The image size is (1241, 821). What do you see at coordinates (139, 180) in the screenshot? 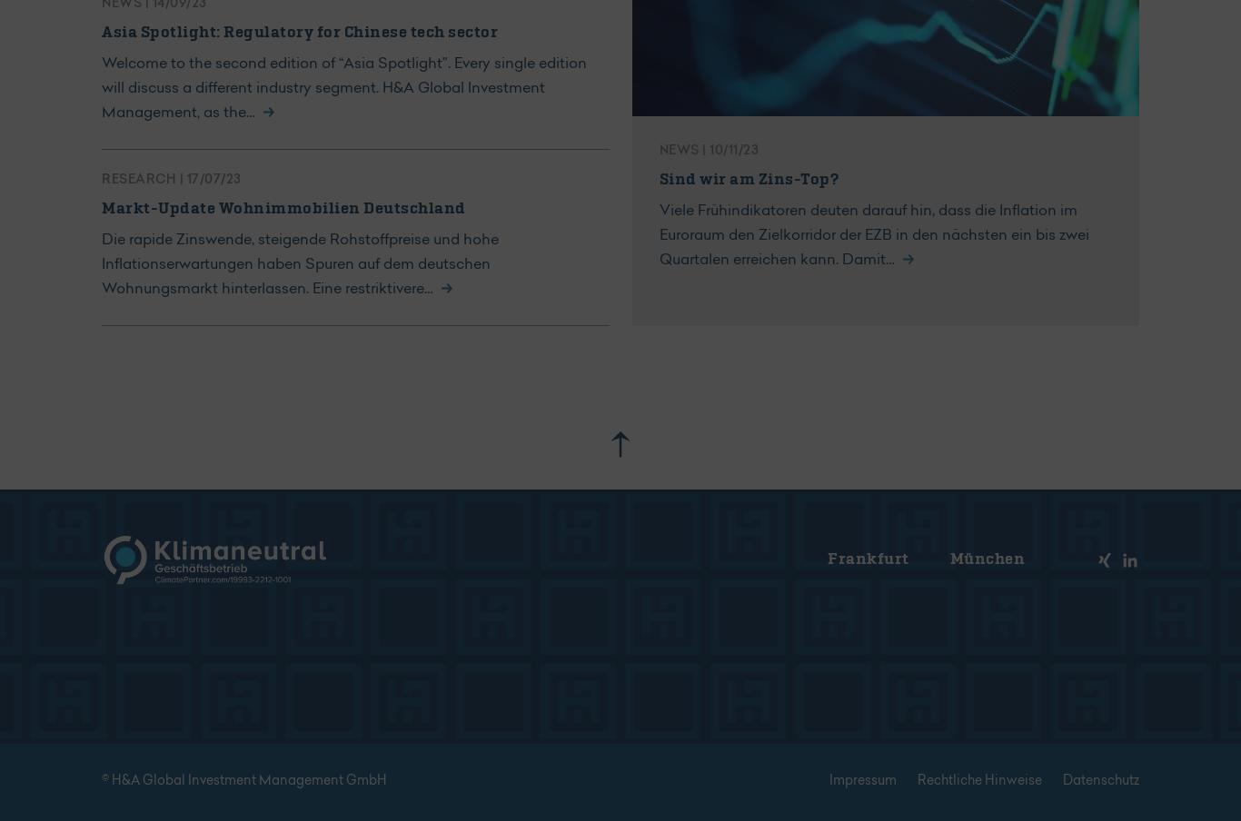
I see `'Research'` at bounding box center [139, 180].